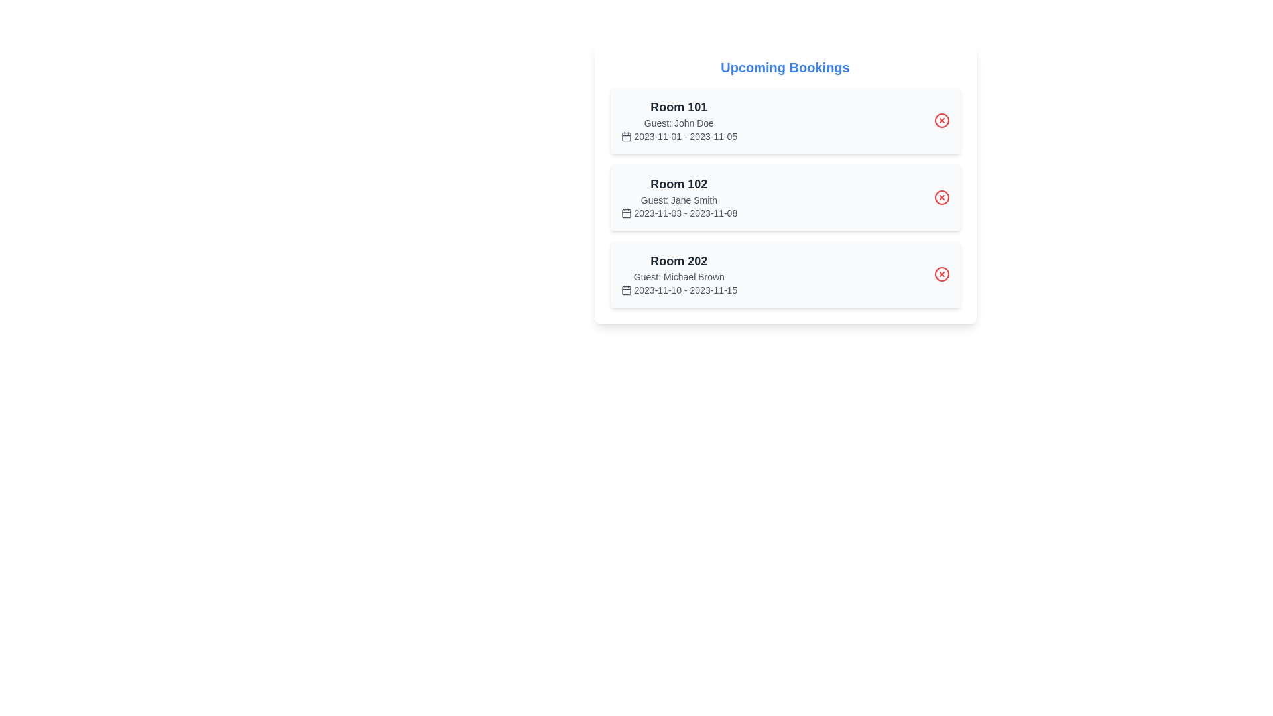  Describe the element at coordinates (679, 290) in the screenshot. I see `the text label indicating the booking period for Room 202` at that location.